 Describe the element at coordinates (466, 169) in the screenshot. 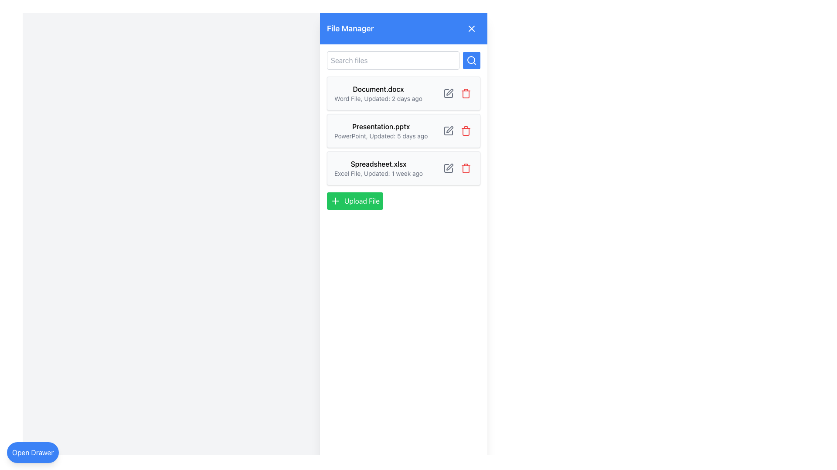

I see `the trash bin icon` at that location.